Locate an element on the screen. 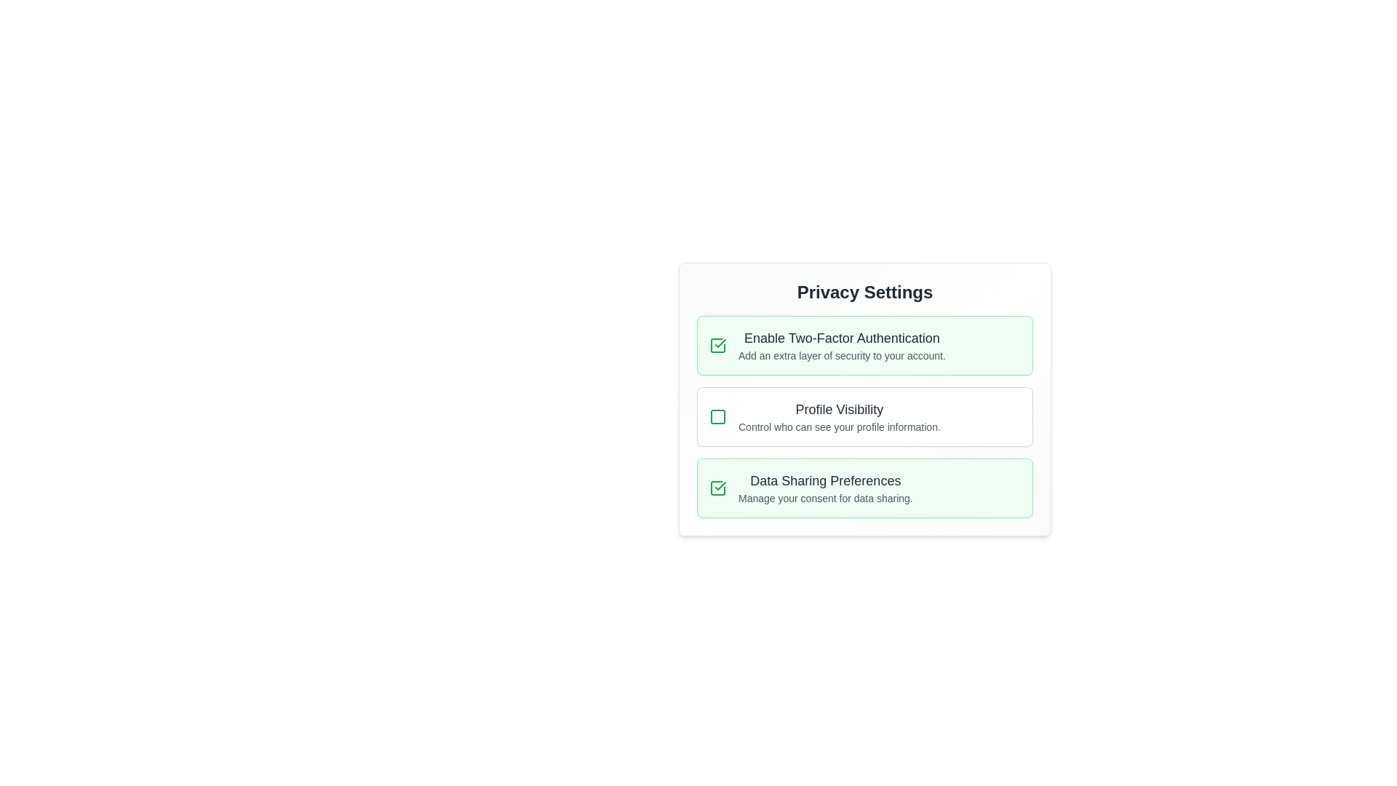 The height and width of the screenshot is (786, 1397). the selectable list item titled 'Enable Two-Factor Authentication' with a light green background and dark green checkmark icon is located at coordinates (865, 345).